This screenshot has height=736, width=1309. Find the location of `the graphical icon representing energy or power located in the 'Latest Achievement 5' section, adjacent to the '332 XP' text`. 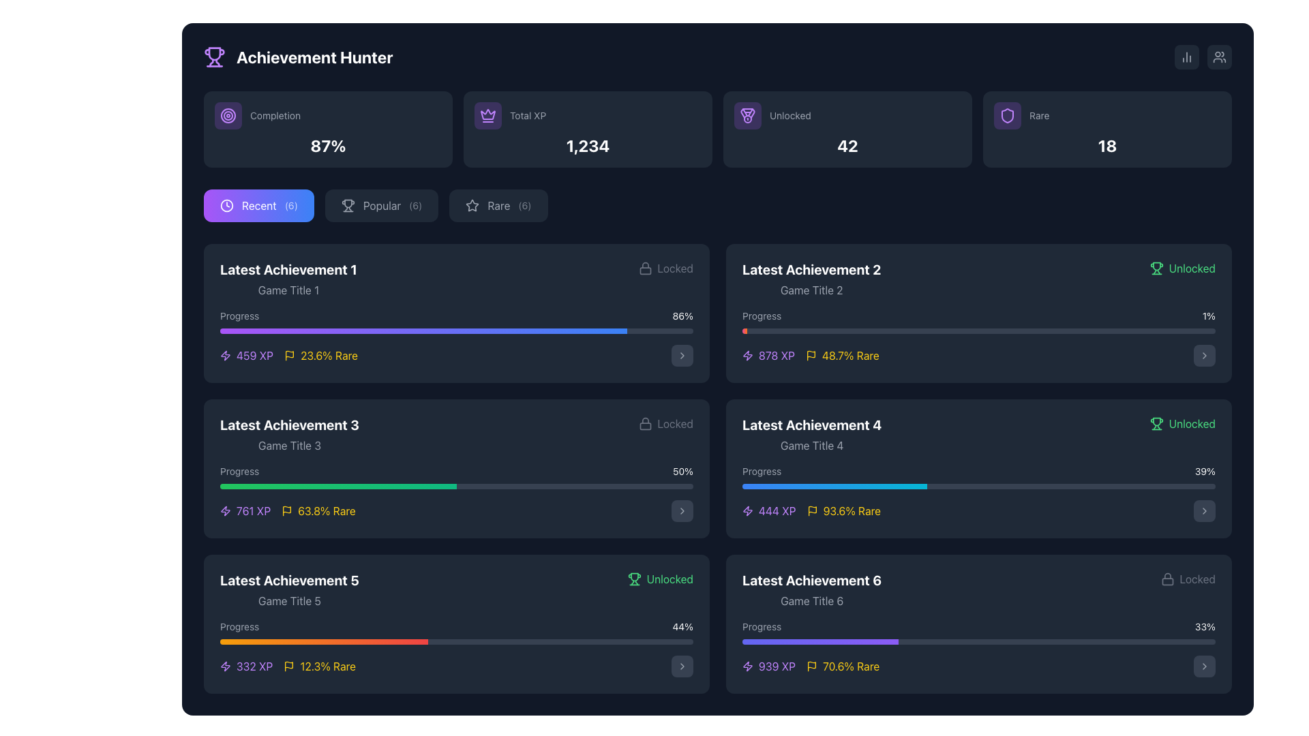

the graphical icon representing energy or power located in the 'Latest Achievement 5' section, adjacent to the '332 XP' text is located at coordinates (226, 666).